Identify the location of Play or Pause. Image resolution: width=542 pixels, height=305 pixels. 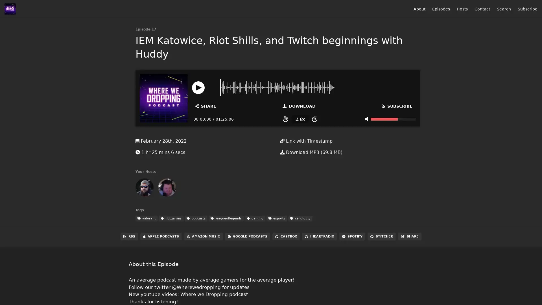
(198, 87).